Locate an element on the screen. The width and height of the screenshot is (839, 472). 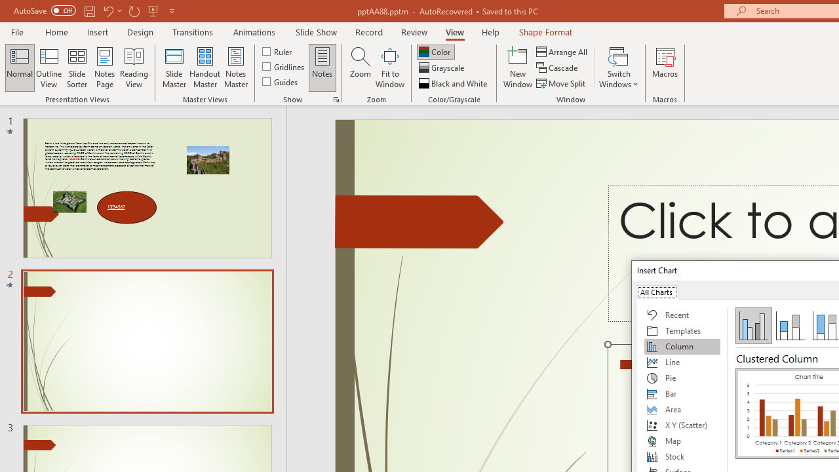
'Handout Master' is located at coordinates (204, 68).